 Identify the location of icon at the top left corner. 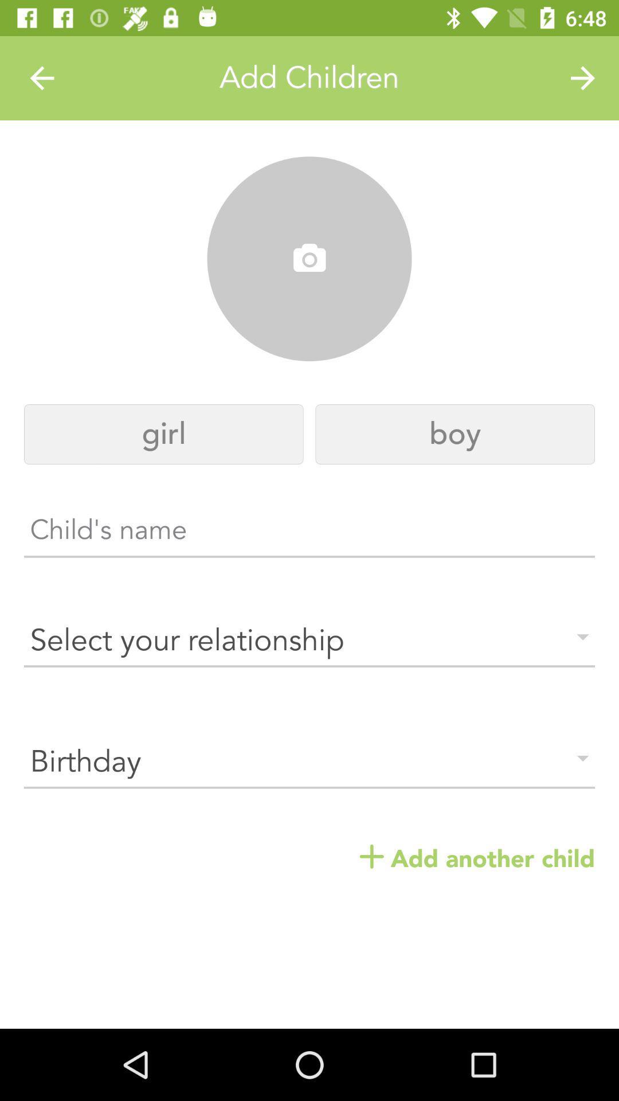
(41, 77).